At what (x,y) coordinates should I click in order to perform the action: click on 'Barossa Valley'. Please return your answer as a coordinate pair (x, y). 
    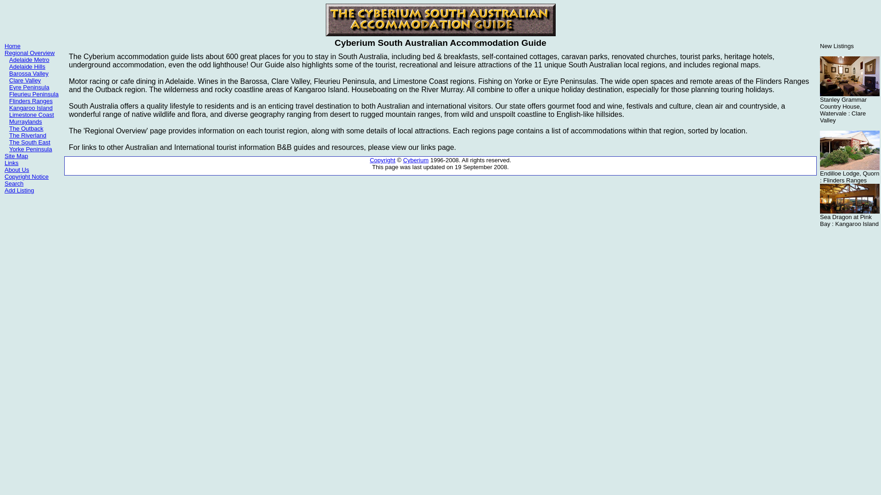
    Looking at the image, I should click on (28, 73).